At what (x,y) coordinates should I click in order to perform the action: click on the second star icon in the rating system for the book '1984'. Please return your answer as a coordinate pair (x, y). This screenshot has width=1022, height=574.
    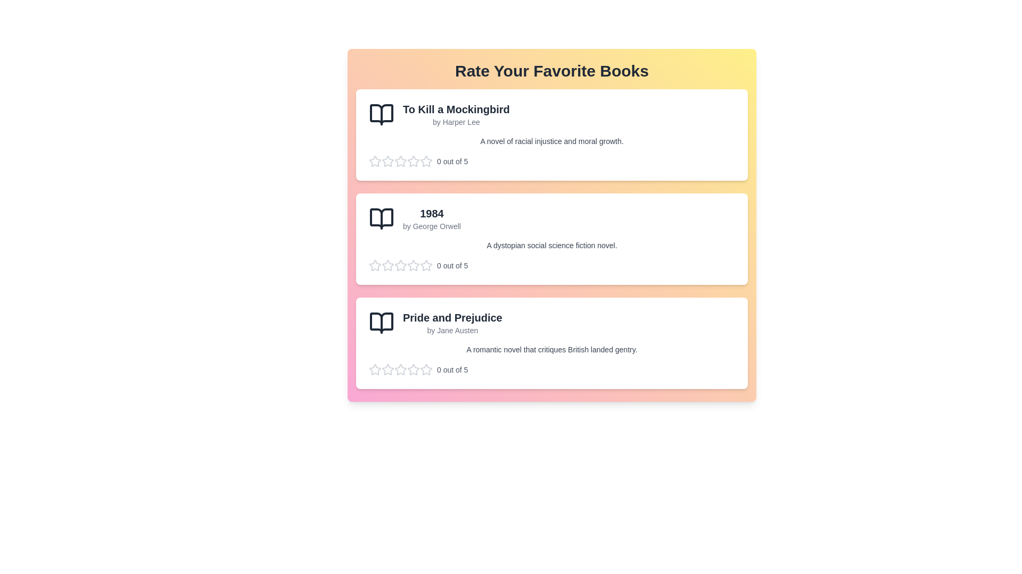
    Looking at the image, I should click on (413, 265).